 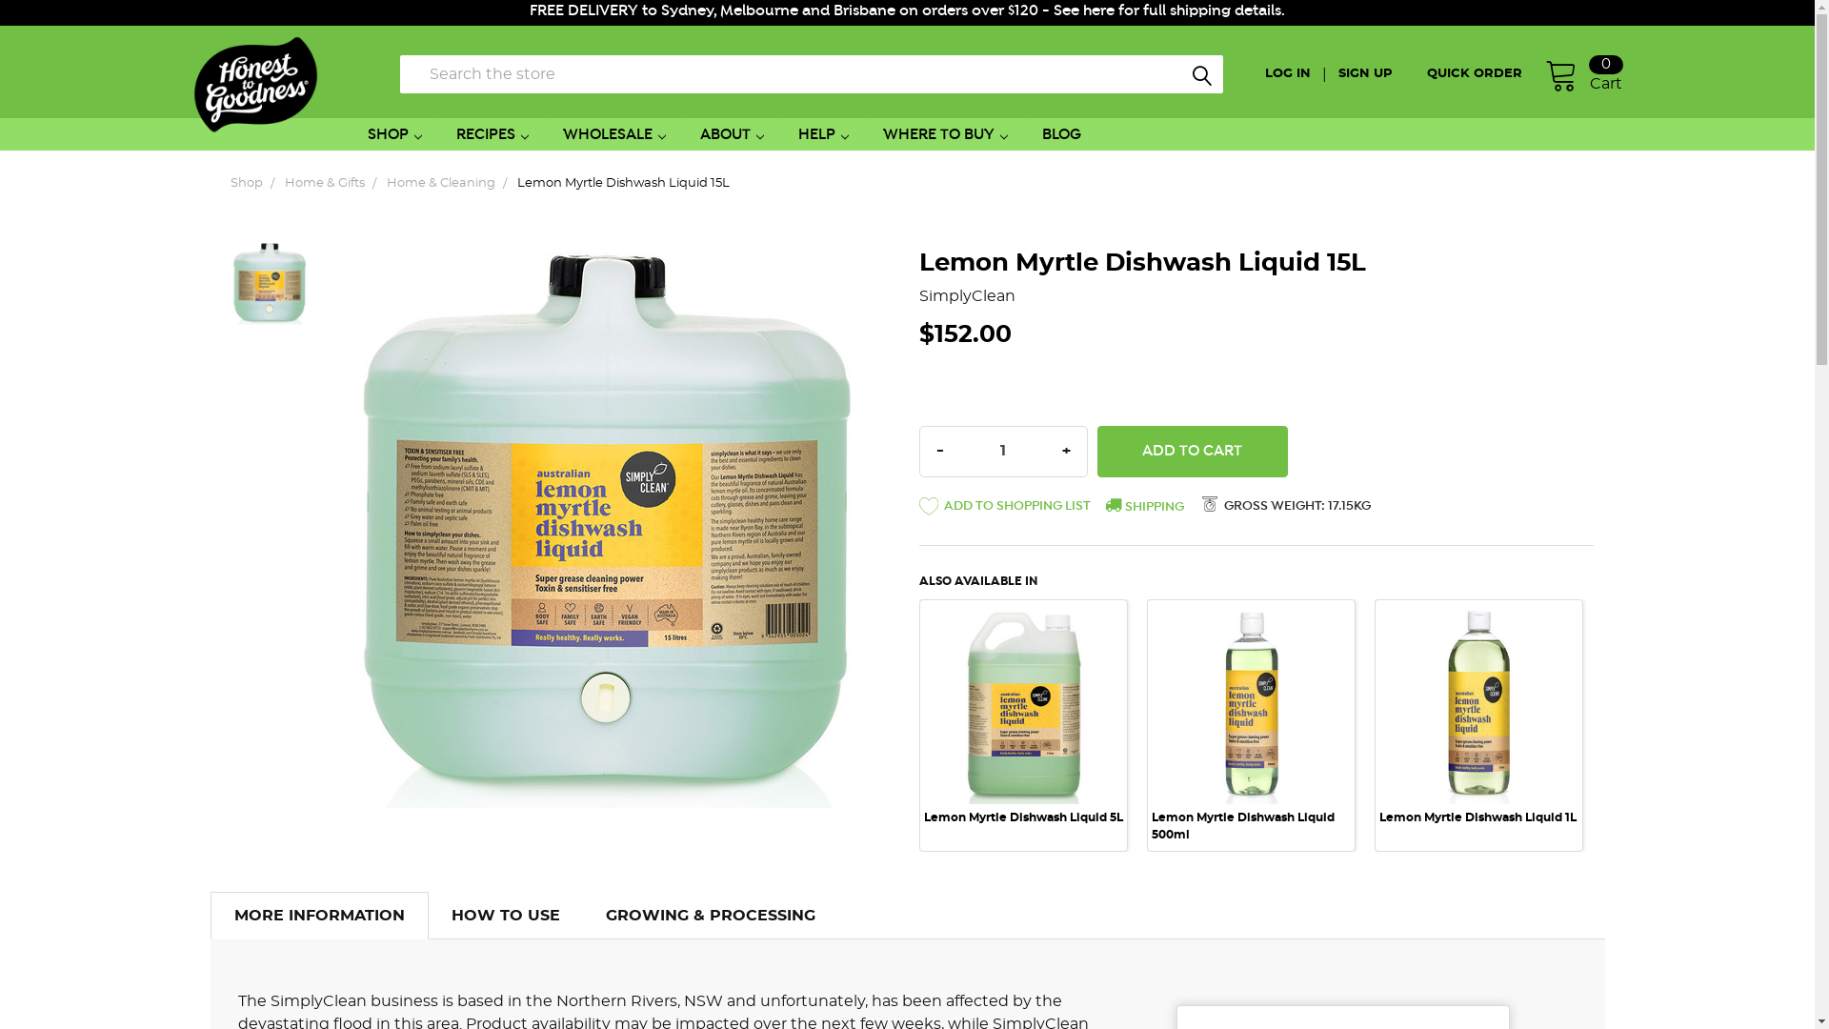 What do you see at coordinates (1294, 73) in the screenshot?
I see `'LOG IN'` at bounding box center [1294, 73].